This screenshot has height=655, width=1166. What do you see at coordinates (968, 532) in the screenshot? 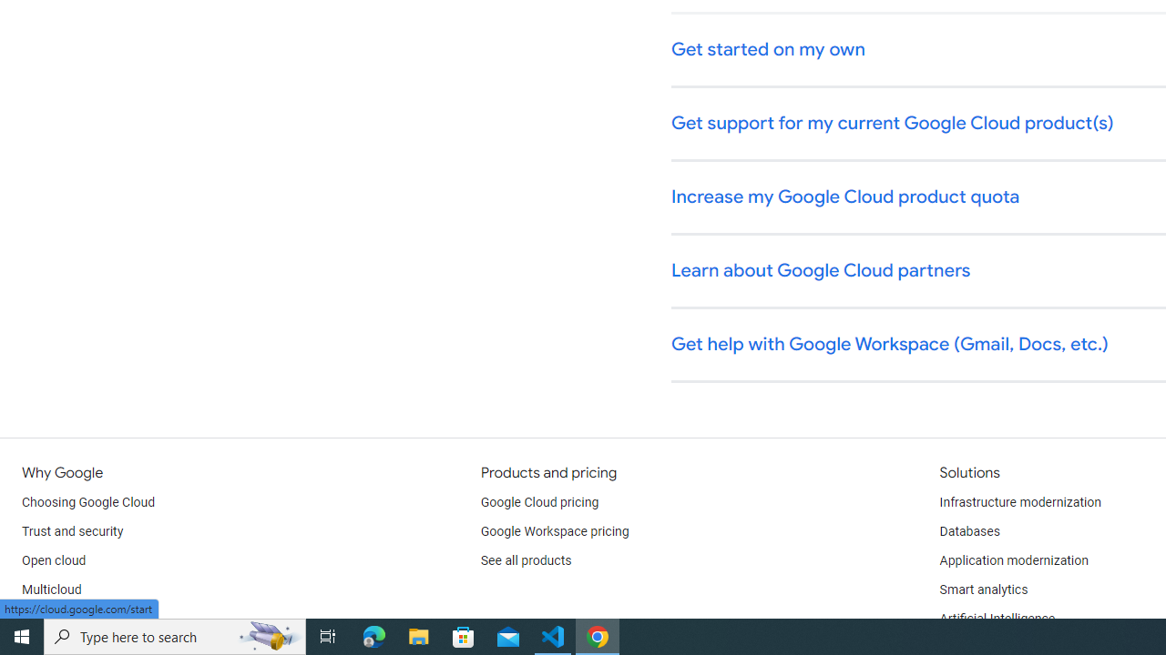
I see `'Databases'` at bounding box center [968, 532].